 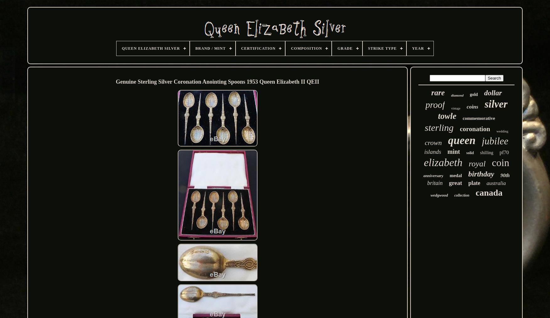 What do you see at coordinates (474, 183) in the screenshot?
I see `'plate'` at bounding box center [474, 183].